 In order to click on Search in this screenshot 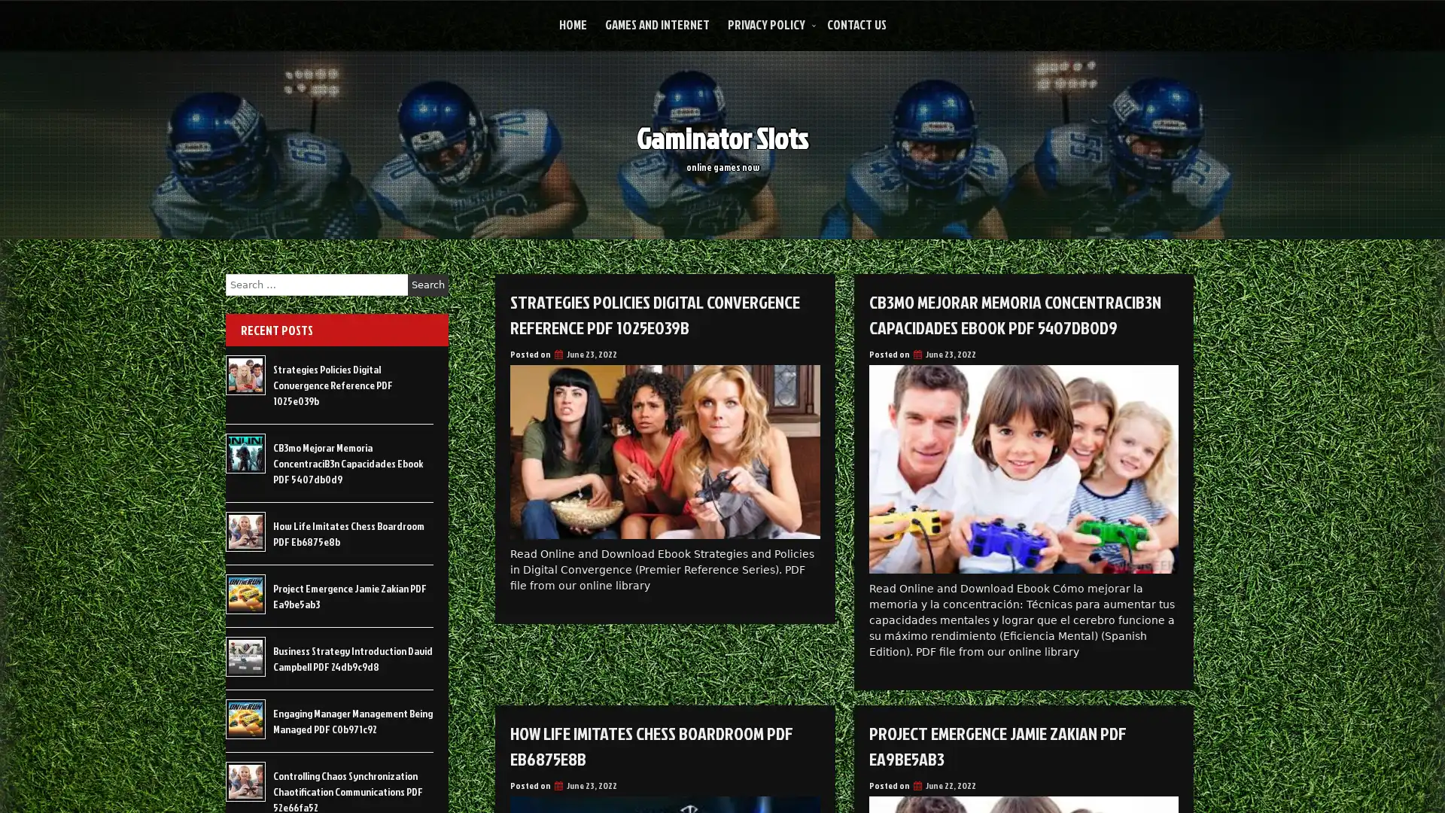, I will do `click(427, 285)`.